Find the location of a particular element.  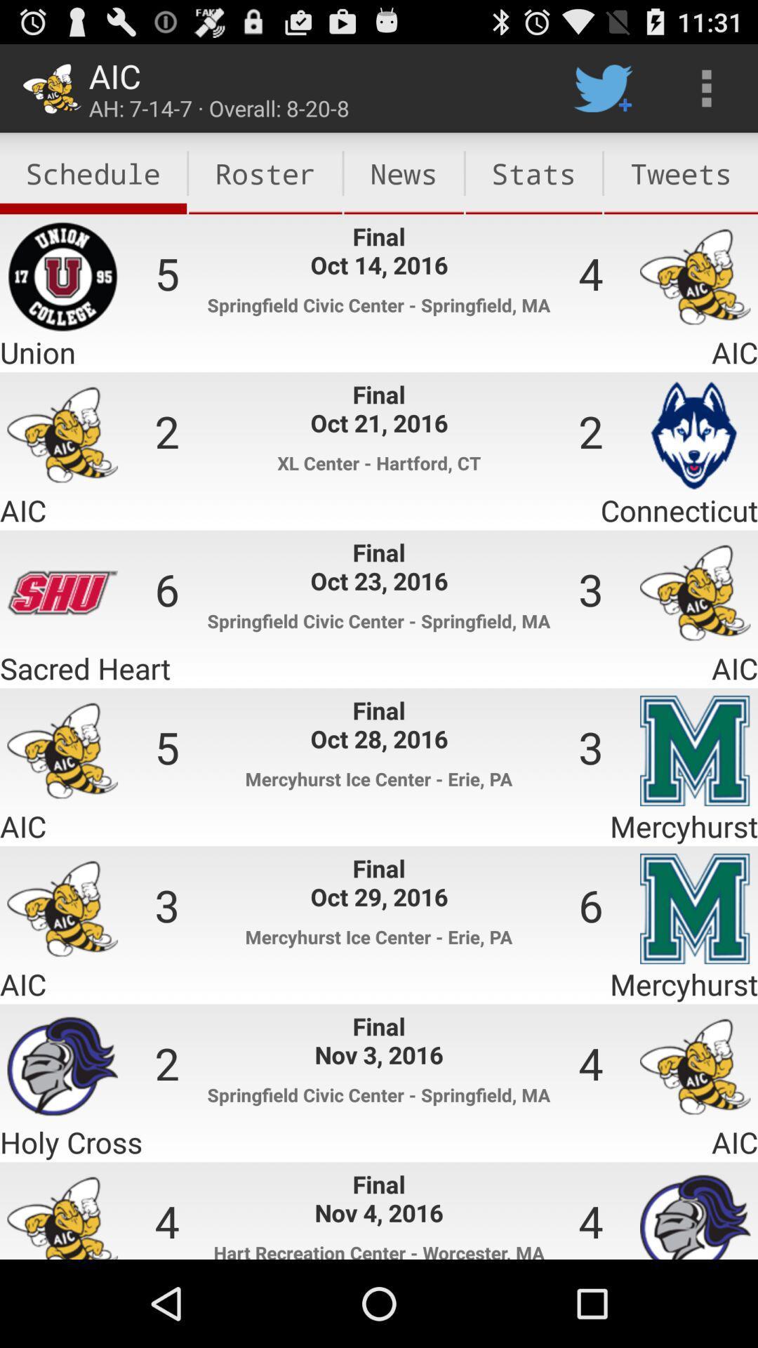

the tweets item is located at coordinates (680, 173).